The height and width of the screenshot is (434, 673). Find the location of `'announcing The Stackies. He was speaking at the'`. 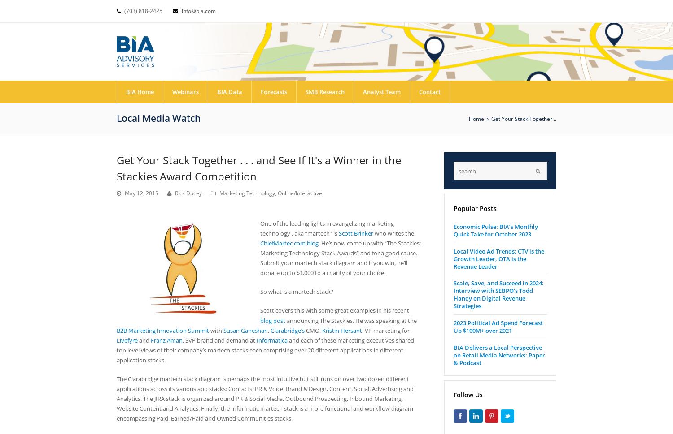

'announcing The Stackies. He was speaking at the' is located at coordinates (351, 320).